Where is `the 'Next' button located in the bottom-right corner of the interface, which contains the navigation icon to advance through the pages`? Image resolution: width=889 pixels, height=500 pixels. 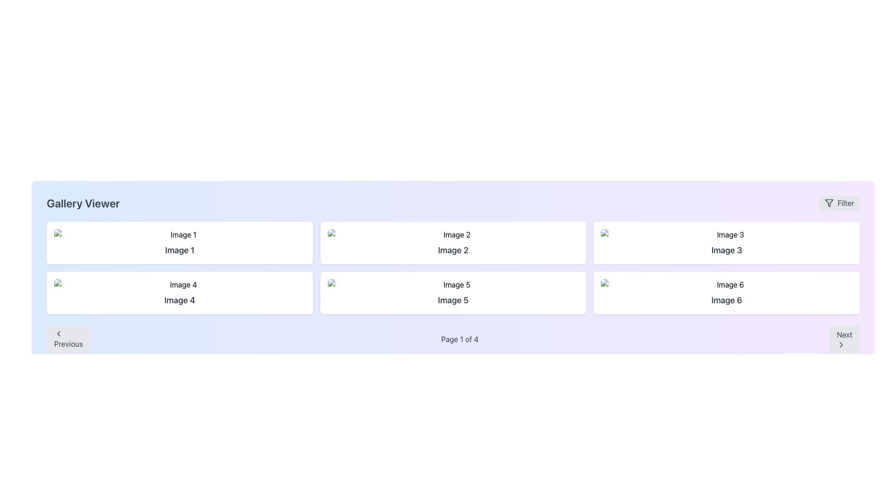
the 'Next' button located in the bottom-right corner of the interface, which contains the navigation icon to advance through the pages is located at coordinates (841, 344).